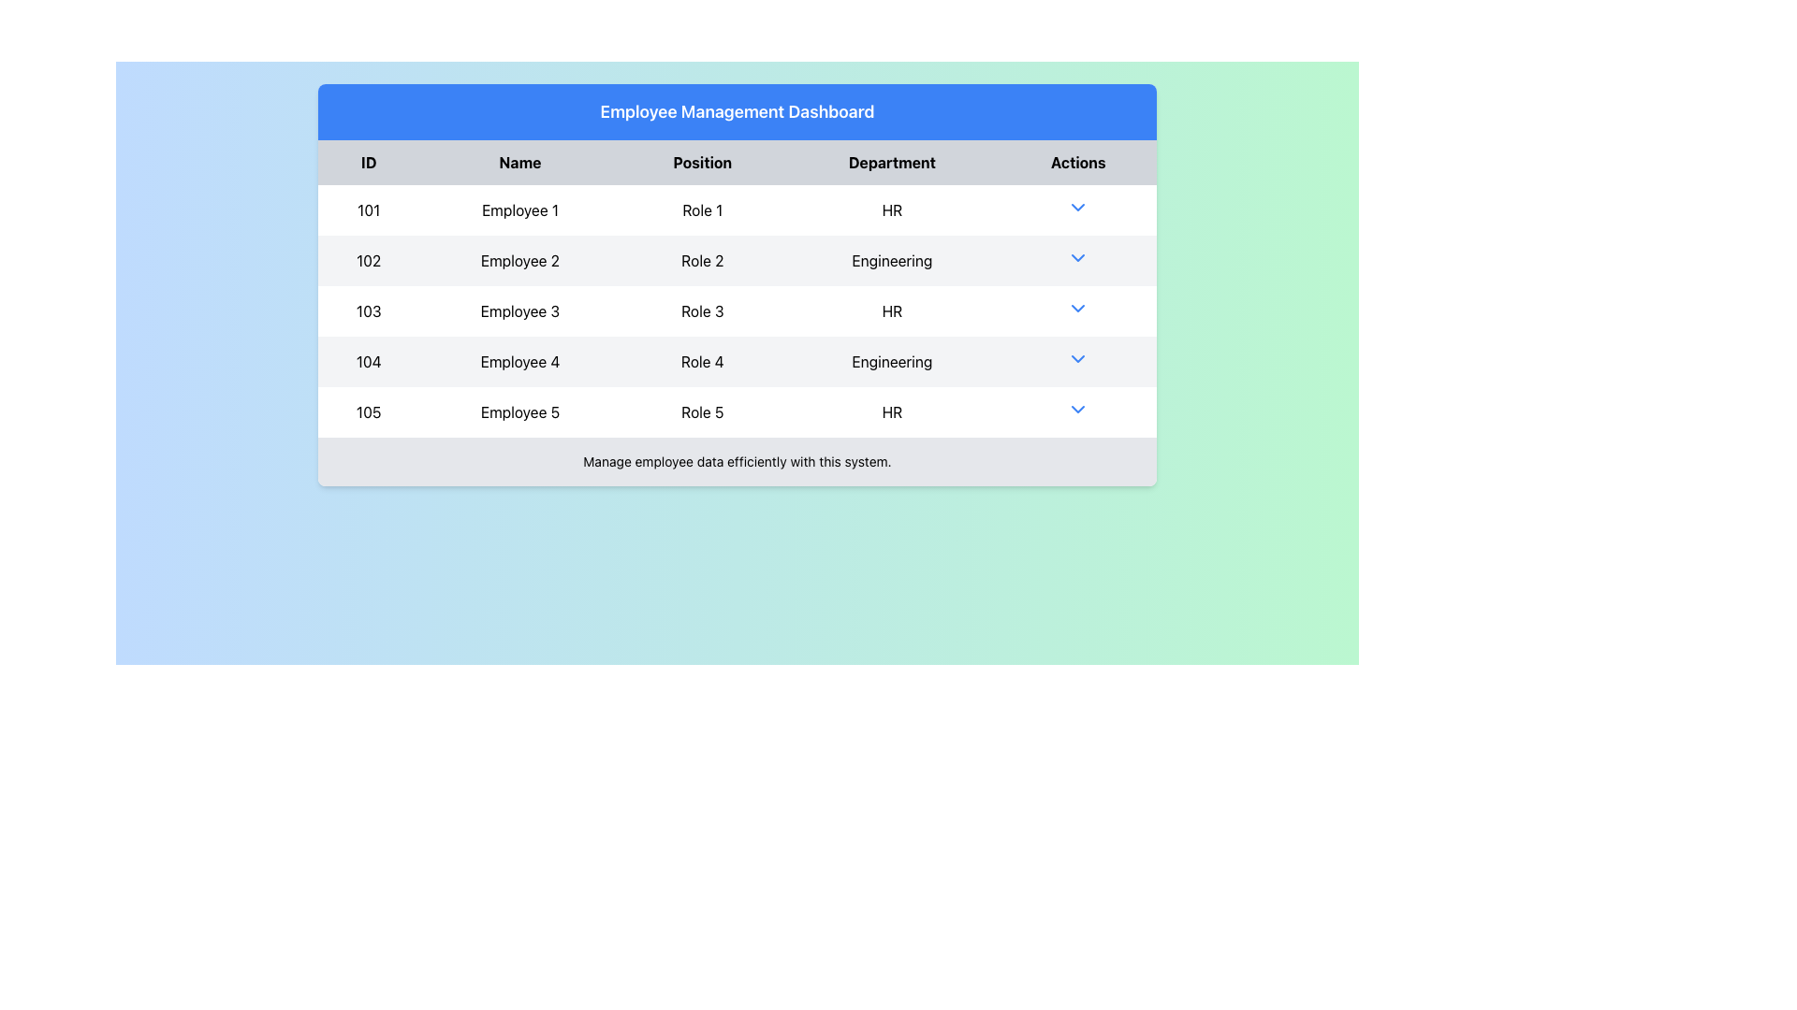 This screenshot has width=1797, height=1010. What do you see at coordinates (1078, 260) in the screenshot?
I see `the dropdown toggle button in the 'Actions' column of the second row for 'Employee 2'` at bounding box center [1078, 260].